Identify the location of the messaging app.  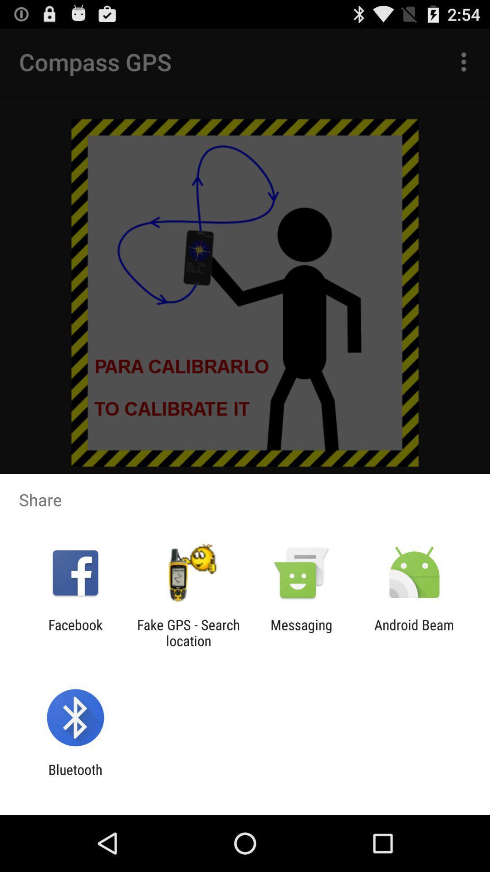
(301, 632).